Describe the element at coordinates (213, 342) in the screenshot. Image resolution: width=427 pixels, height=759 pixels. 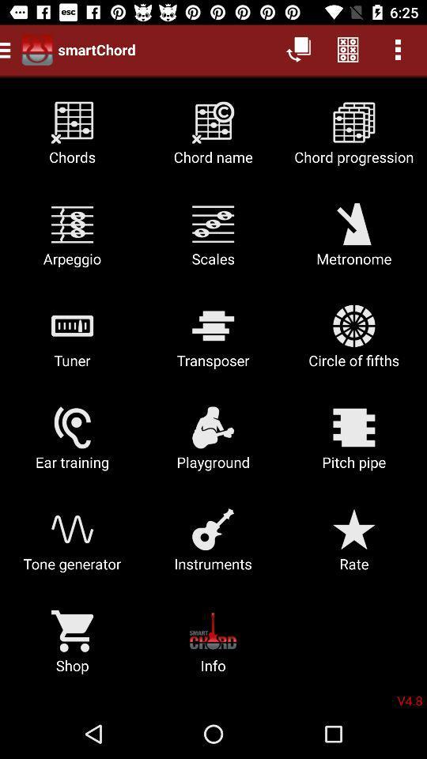
I see `the transposer` at that location.